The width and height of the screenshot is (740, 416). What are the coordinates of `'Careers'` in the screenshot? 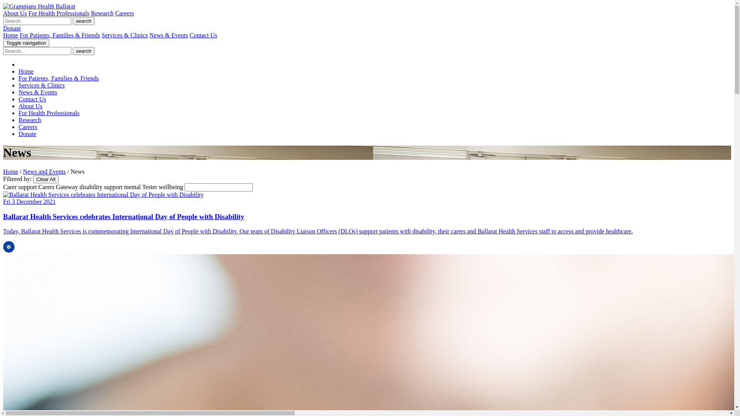 It's located at (28, 126).